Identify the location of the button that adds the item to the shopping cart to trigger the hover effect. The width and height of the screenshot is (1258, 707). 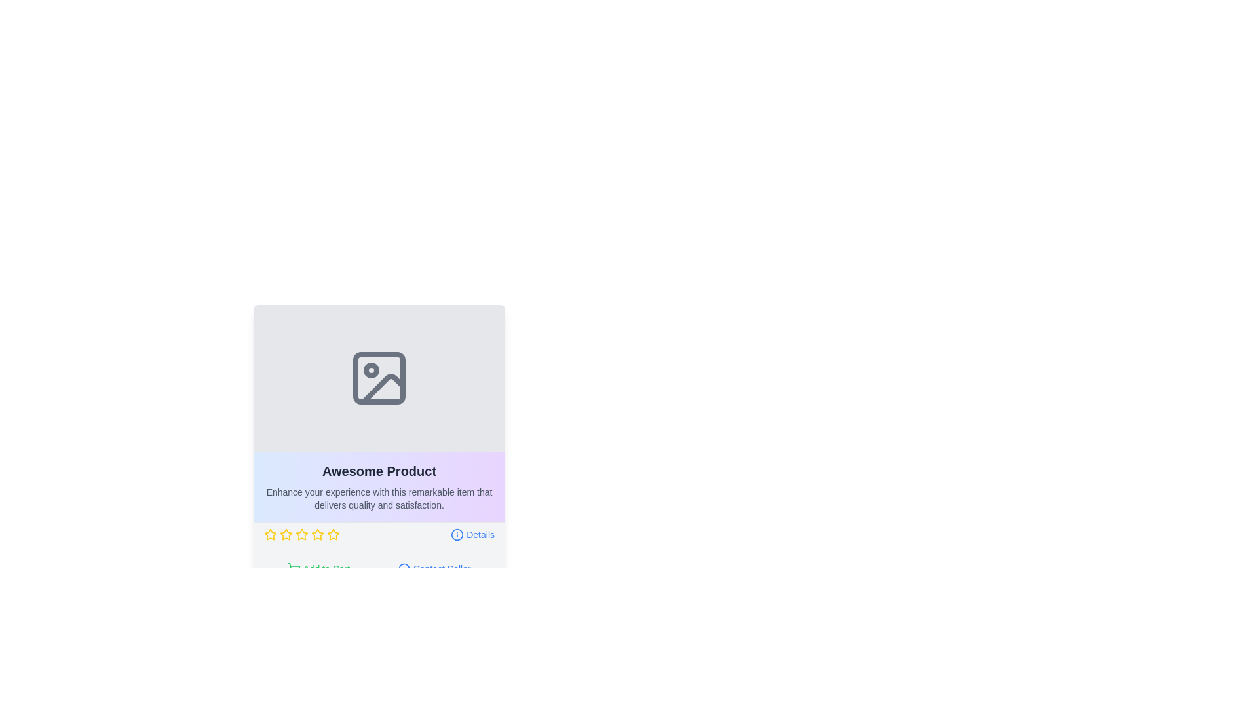
(318, 568).